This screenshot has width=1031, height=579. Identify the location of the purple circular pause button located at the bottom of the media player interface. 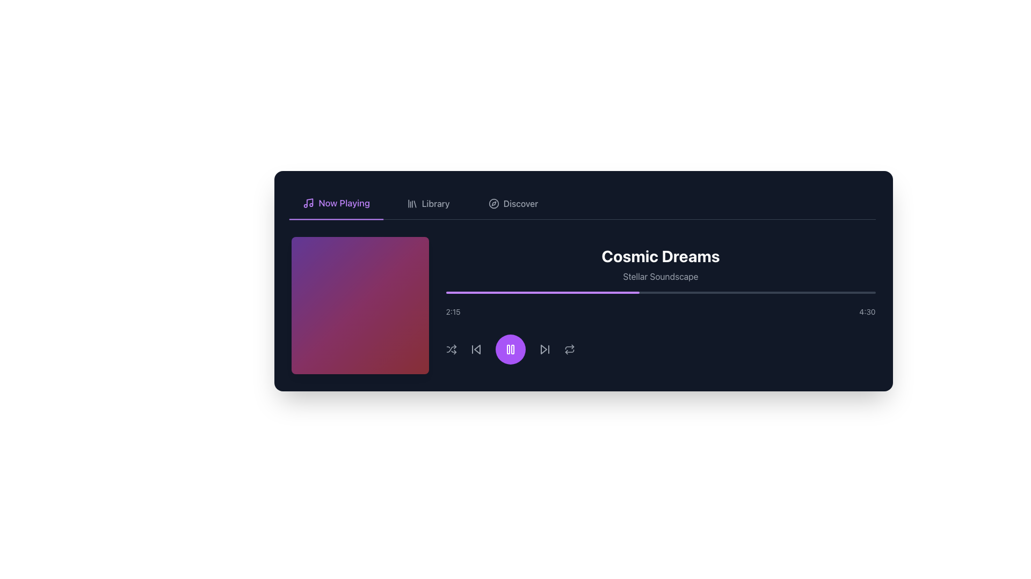
(510, 349).